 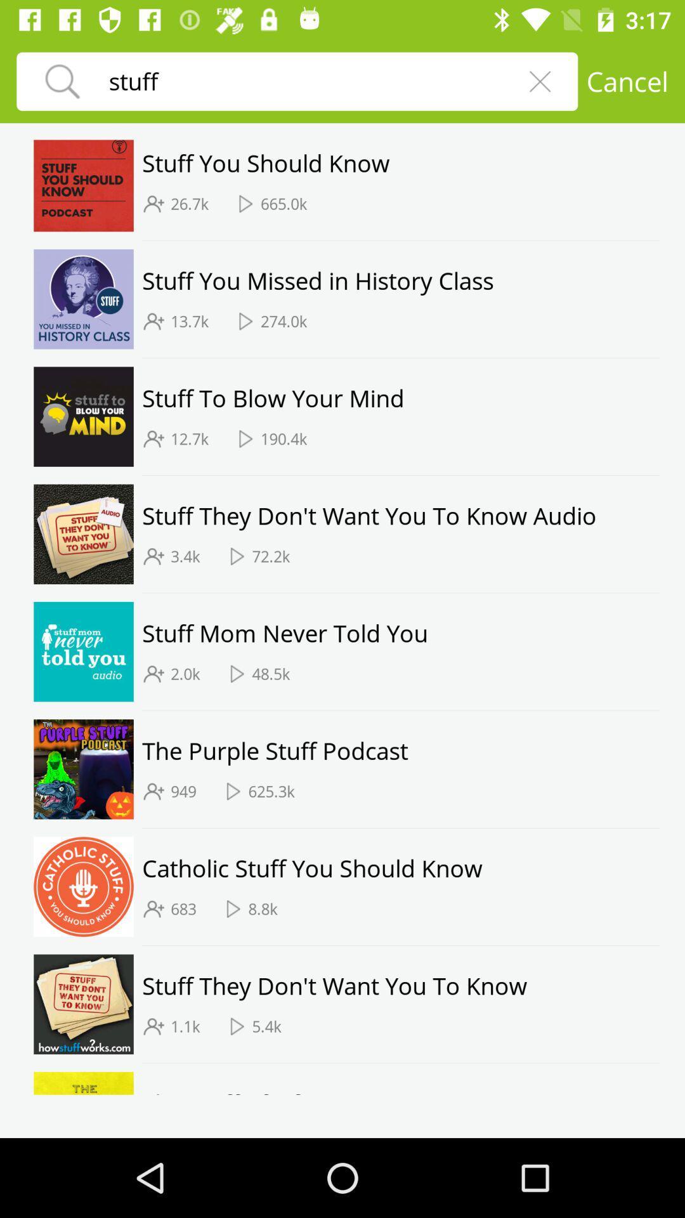 I want to click on the item below the stuff they don, so click(x=270, y=556).